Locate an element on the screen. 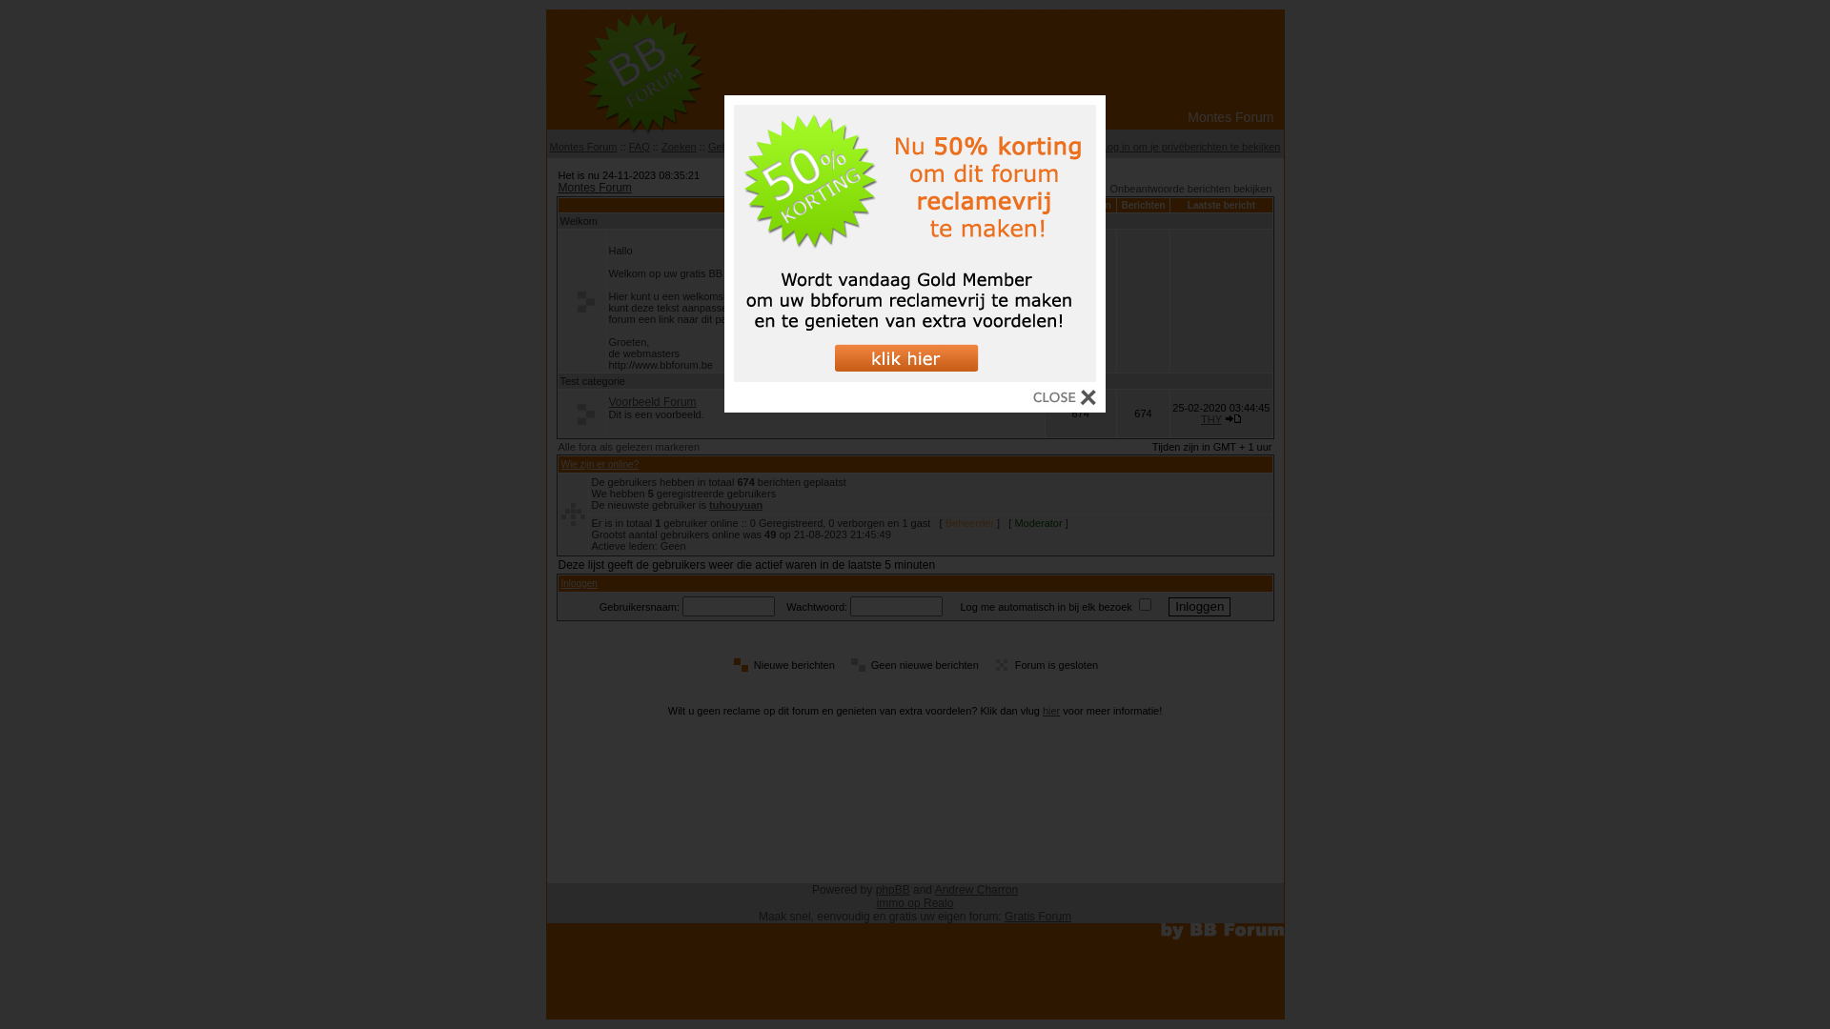 The height and width of the screenshot is (1029, 1830). 'FAQ' is located at coordinates (629, 146).